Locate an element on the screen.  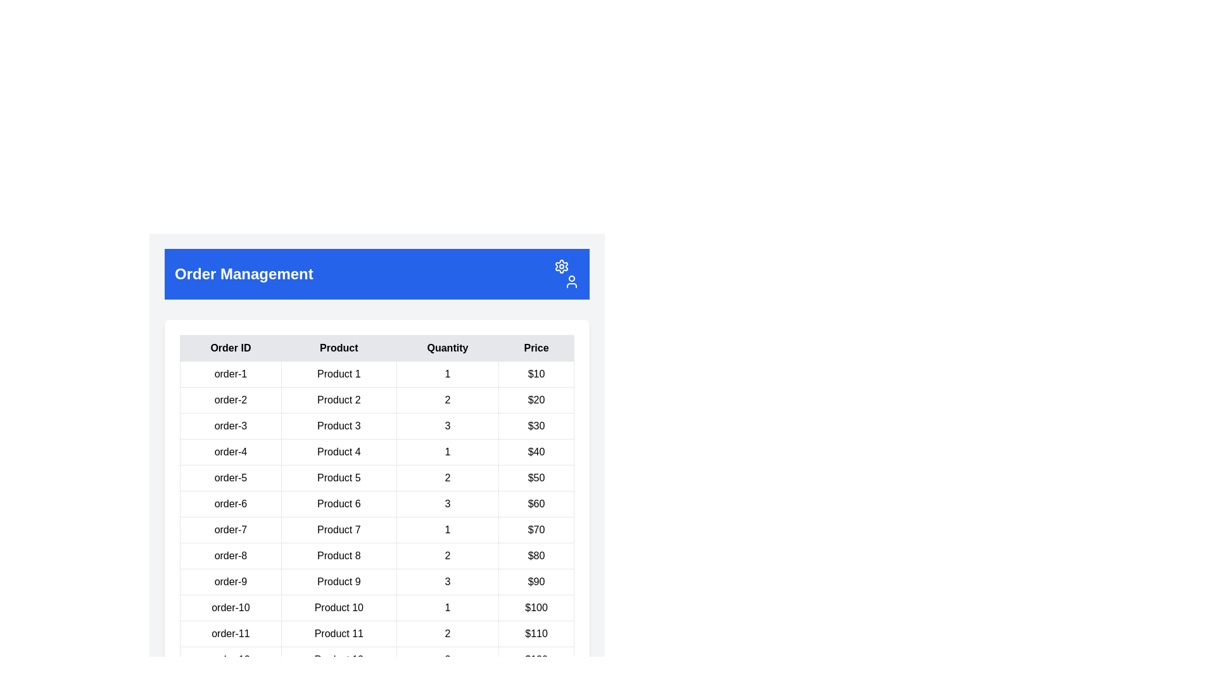
information displayed in the third row of the table containing 'order-3', 'Product 3', '3', and '$30' is located at coordinates (376, 426).